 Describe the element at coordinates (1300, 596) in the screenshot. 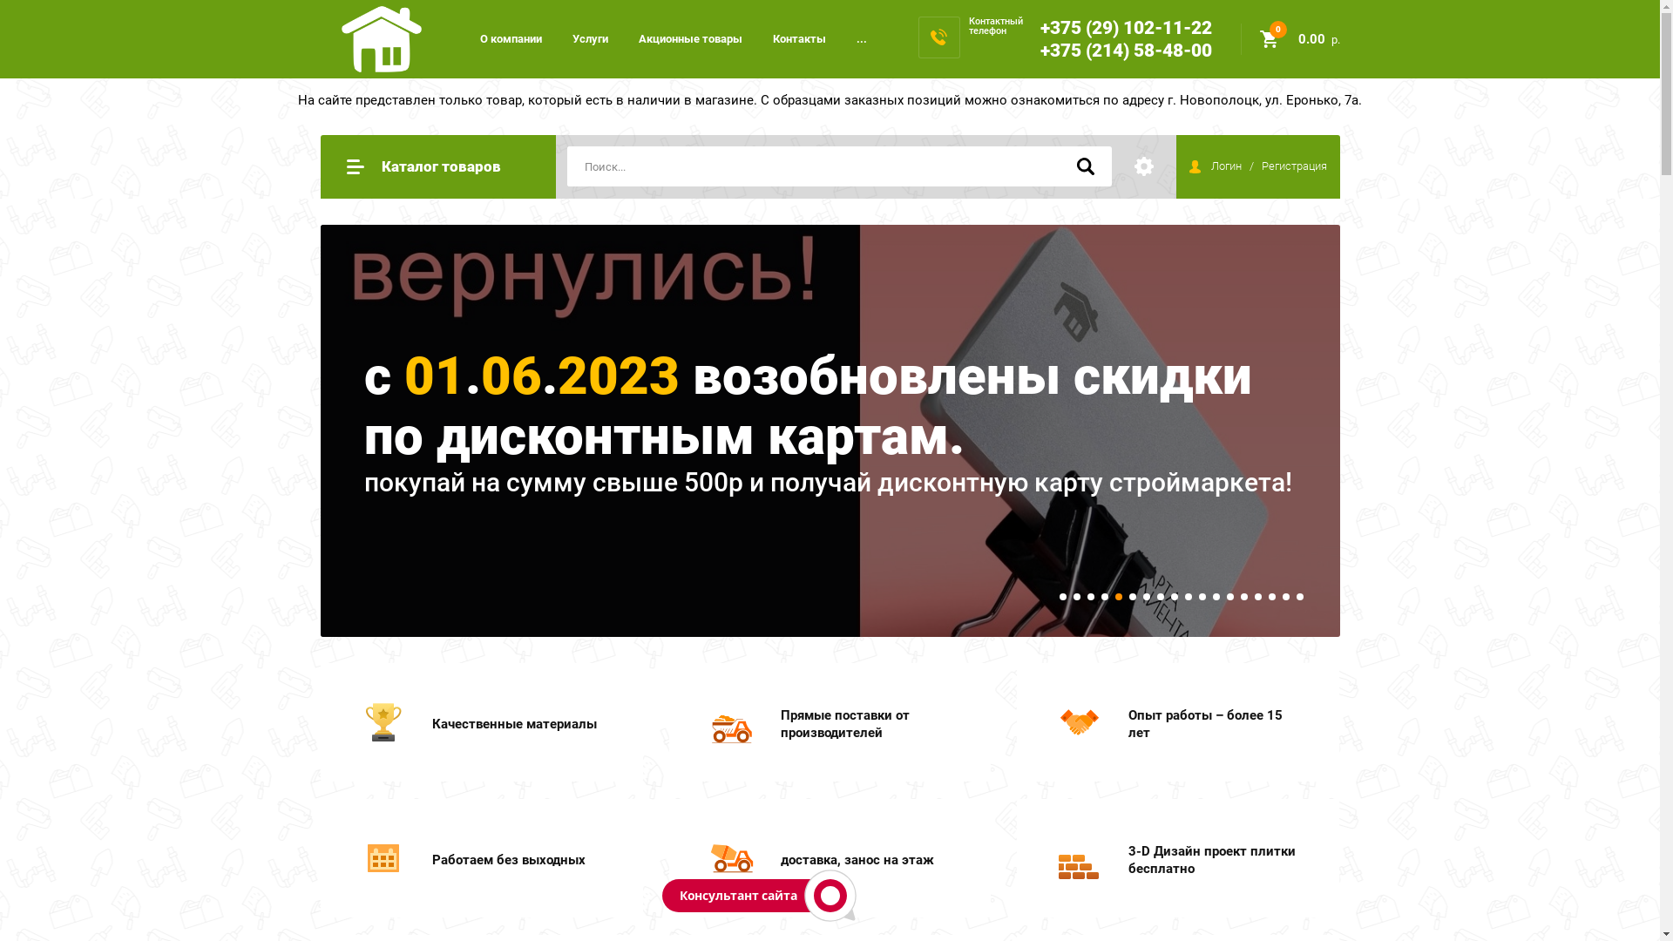

I see `'18'` at that location.